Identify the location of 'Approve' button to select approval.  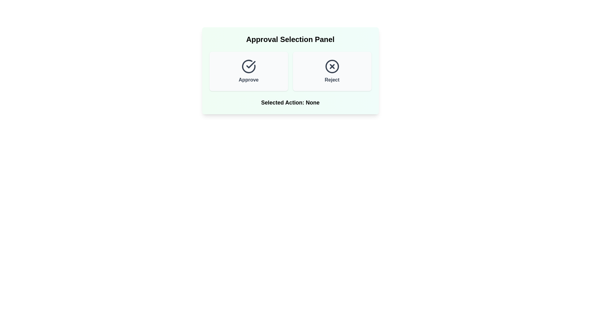
(248, 71).